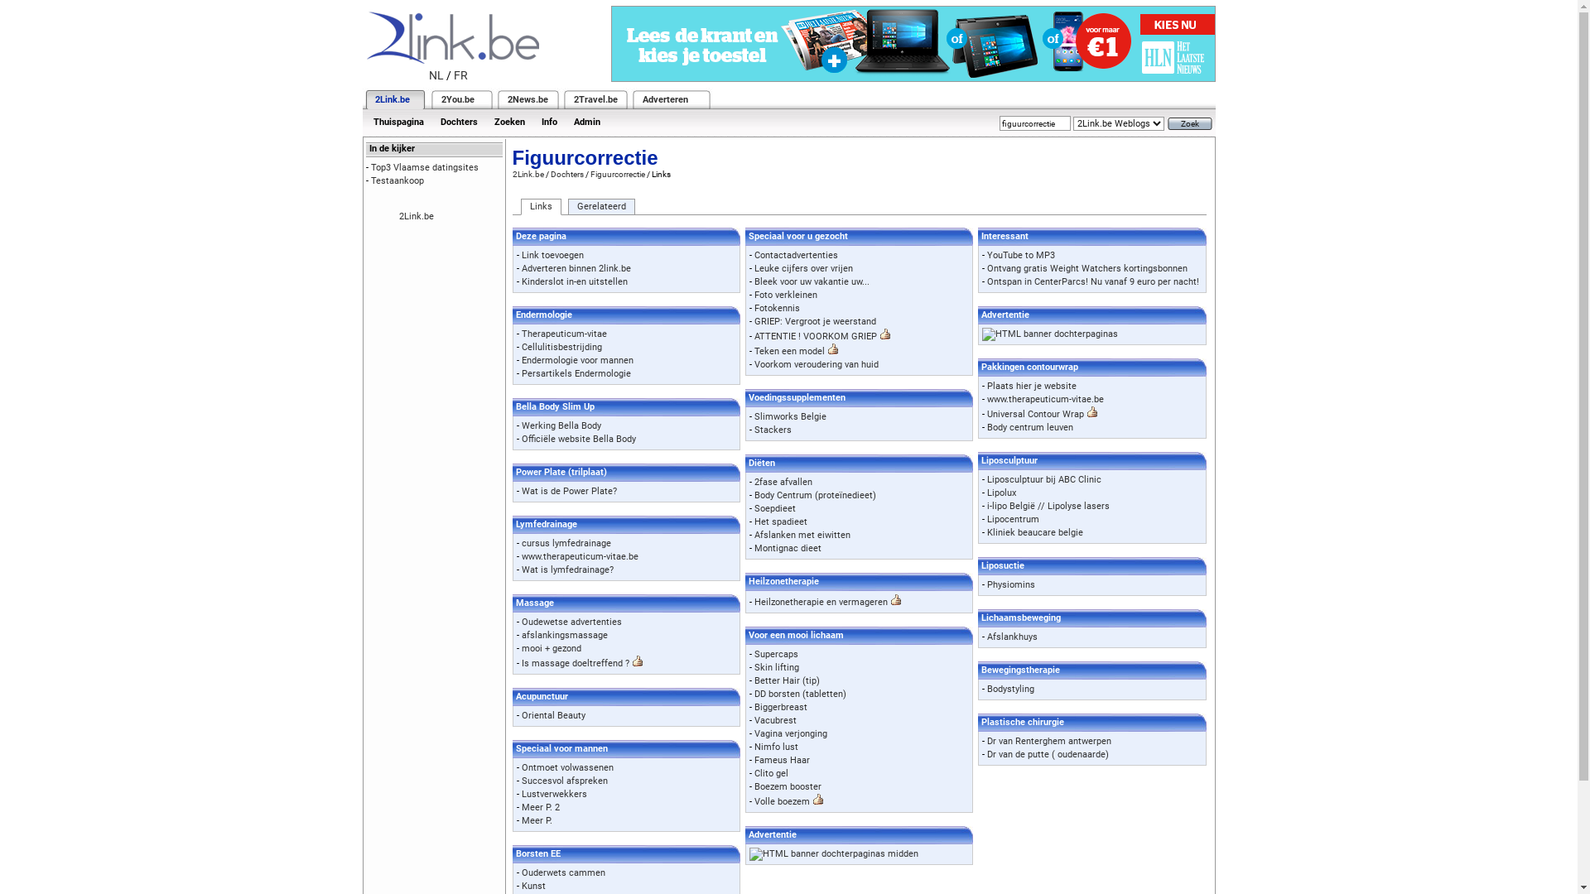 The height and width of the screenshot is (894, 1590). Describe the element at coordinates (397, 180) in the screenshot. I see `'Testaankoop'` at that location.